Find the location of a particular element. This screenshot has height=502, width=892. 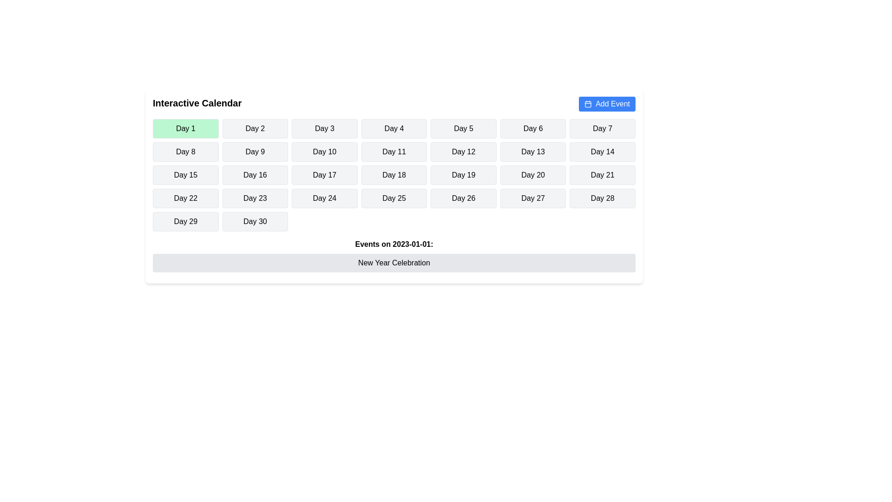

the rectangular button labeled 'Day 25' is located at coordinates (394, 198).